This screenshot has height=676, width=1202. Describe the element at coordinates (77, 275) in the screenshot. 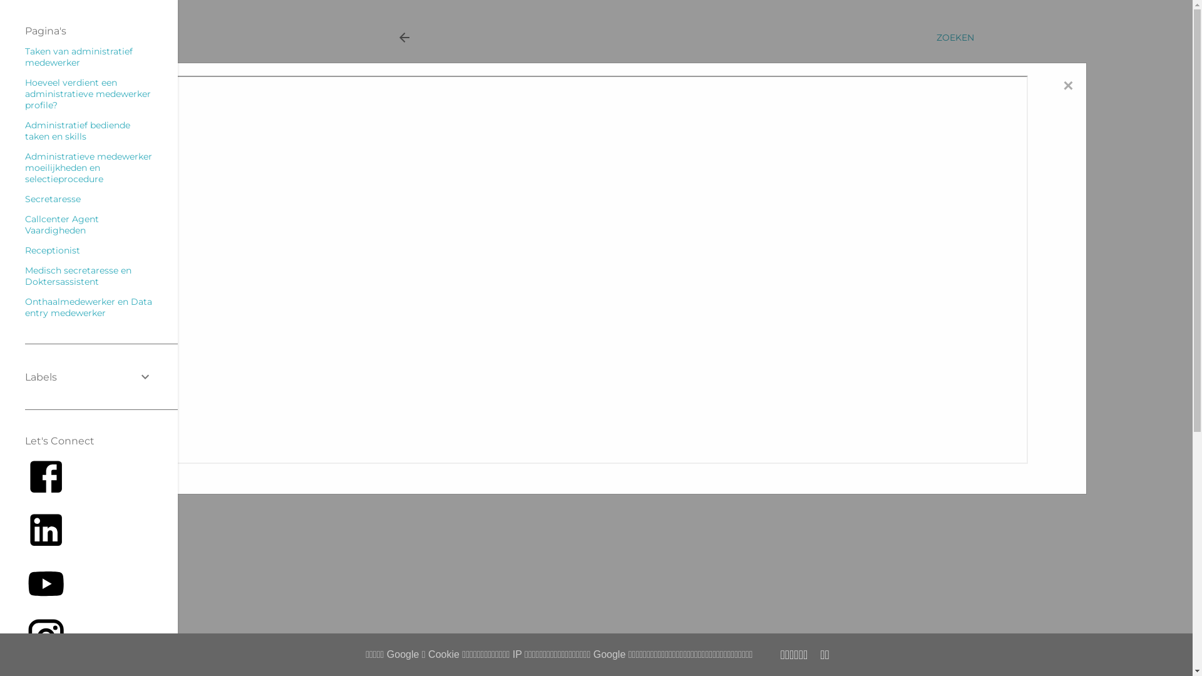

I see `'Medisch secretaresse en Doktersassistent'` at that location.